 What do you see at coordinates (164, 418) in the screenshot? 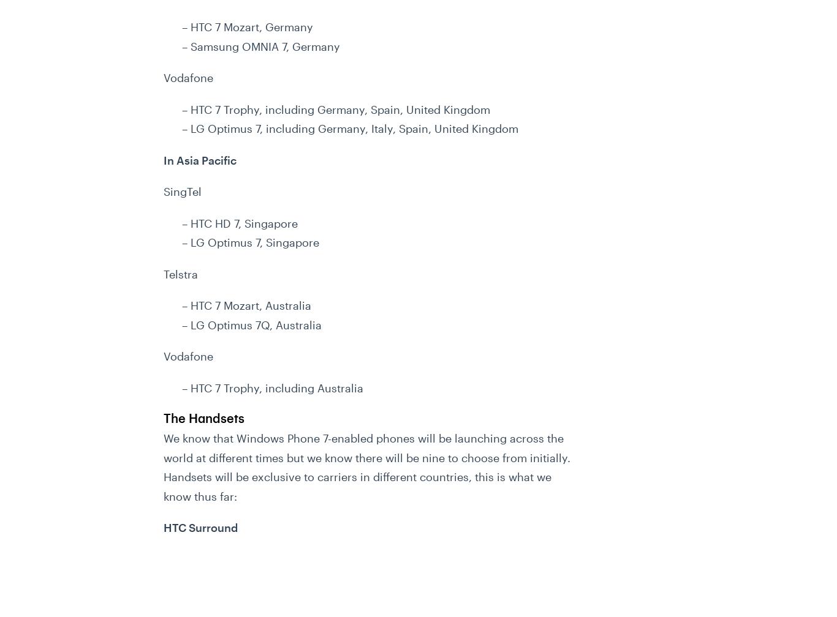
I see `'The Handsets'` at bounding box center [164, 418].